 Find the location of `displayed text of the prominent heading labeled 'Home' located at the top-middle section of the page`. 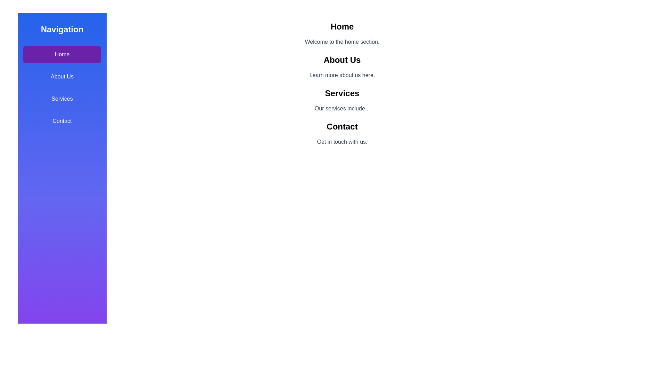

displayed text of the prominent heading labeled 'Home' located at the top-middle section of the page is located at coordinates (342, 26).